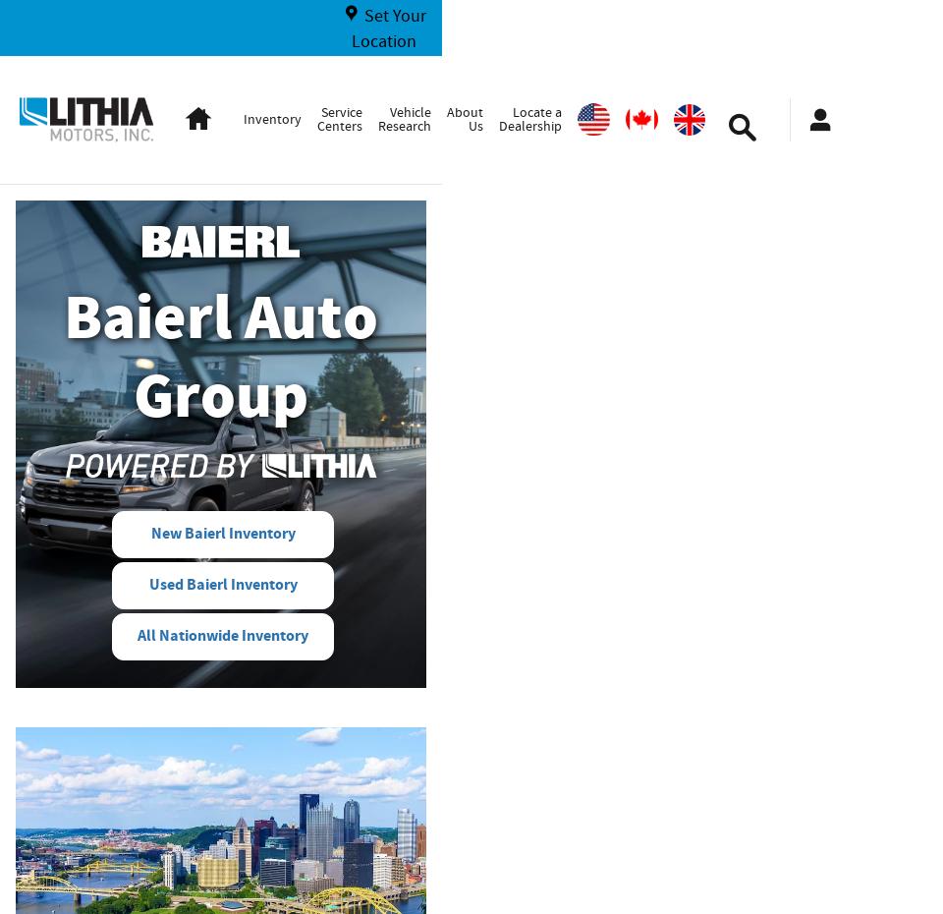 Image resolution: width=943 pixels, height=914 pixels. Describe the element at coordinates (63, 354) in the screenshot. I see `'Baierl Auto Group'` at that location.